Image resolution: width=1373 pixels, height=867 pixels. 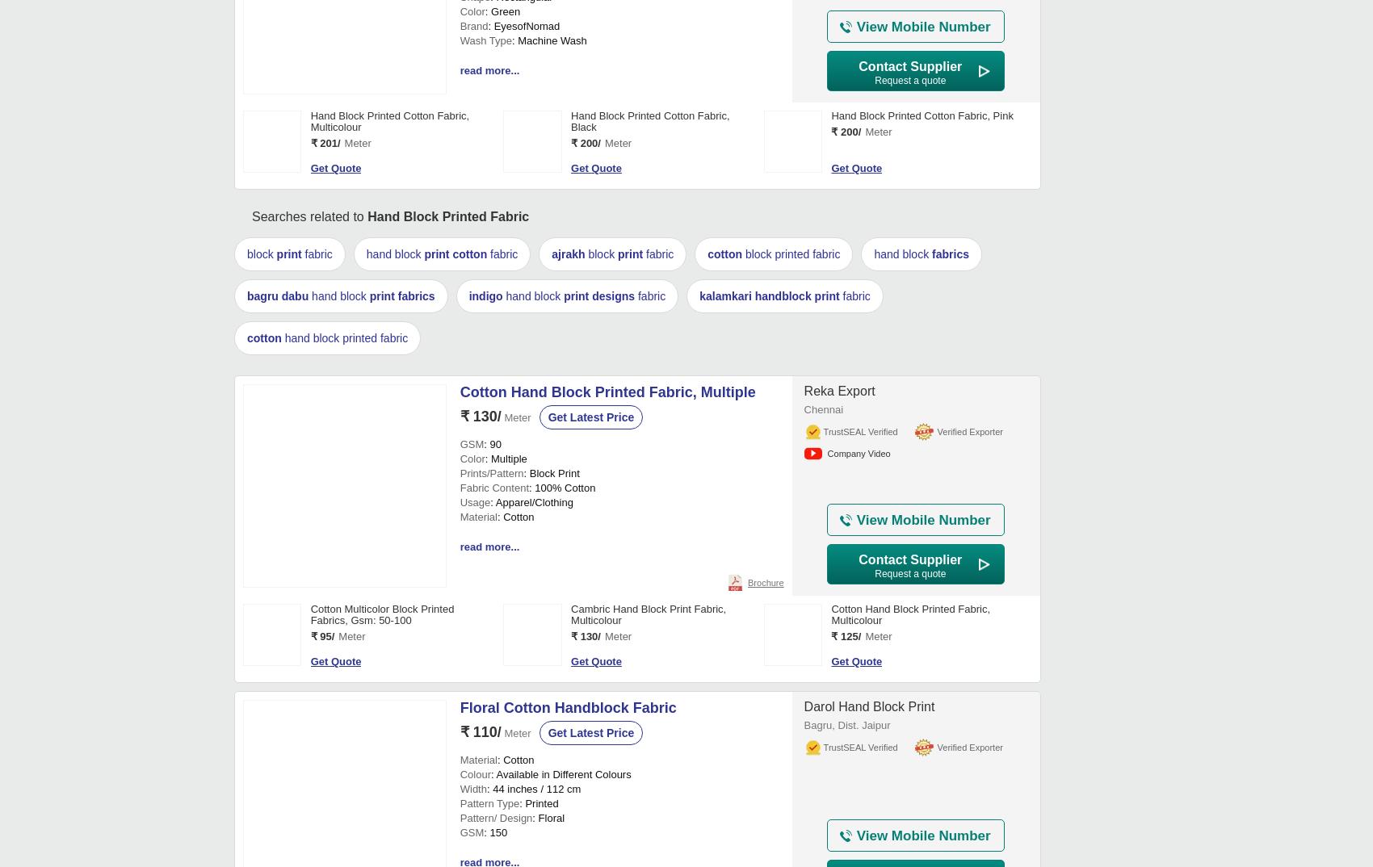 I want to click on 'dabu', so click(x=293, y=790).